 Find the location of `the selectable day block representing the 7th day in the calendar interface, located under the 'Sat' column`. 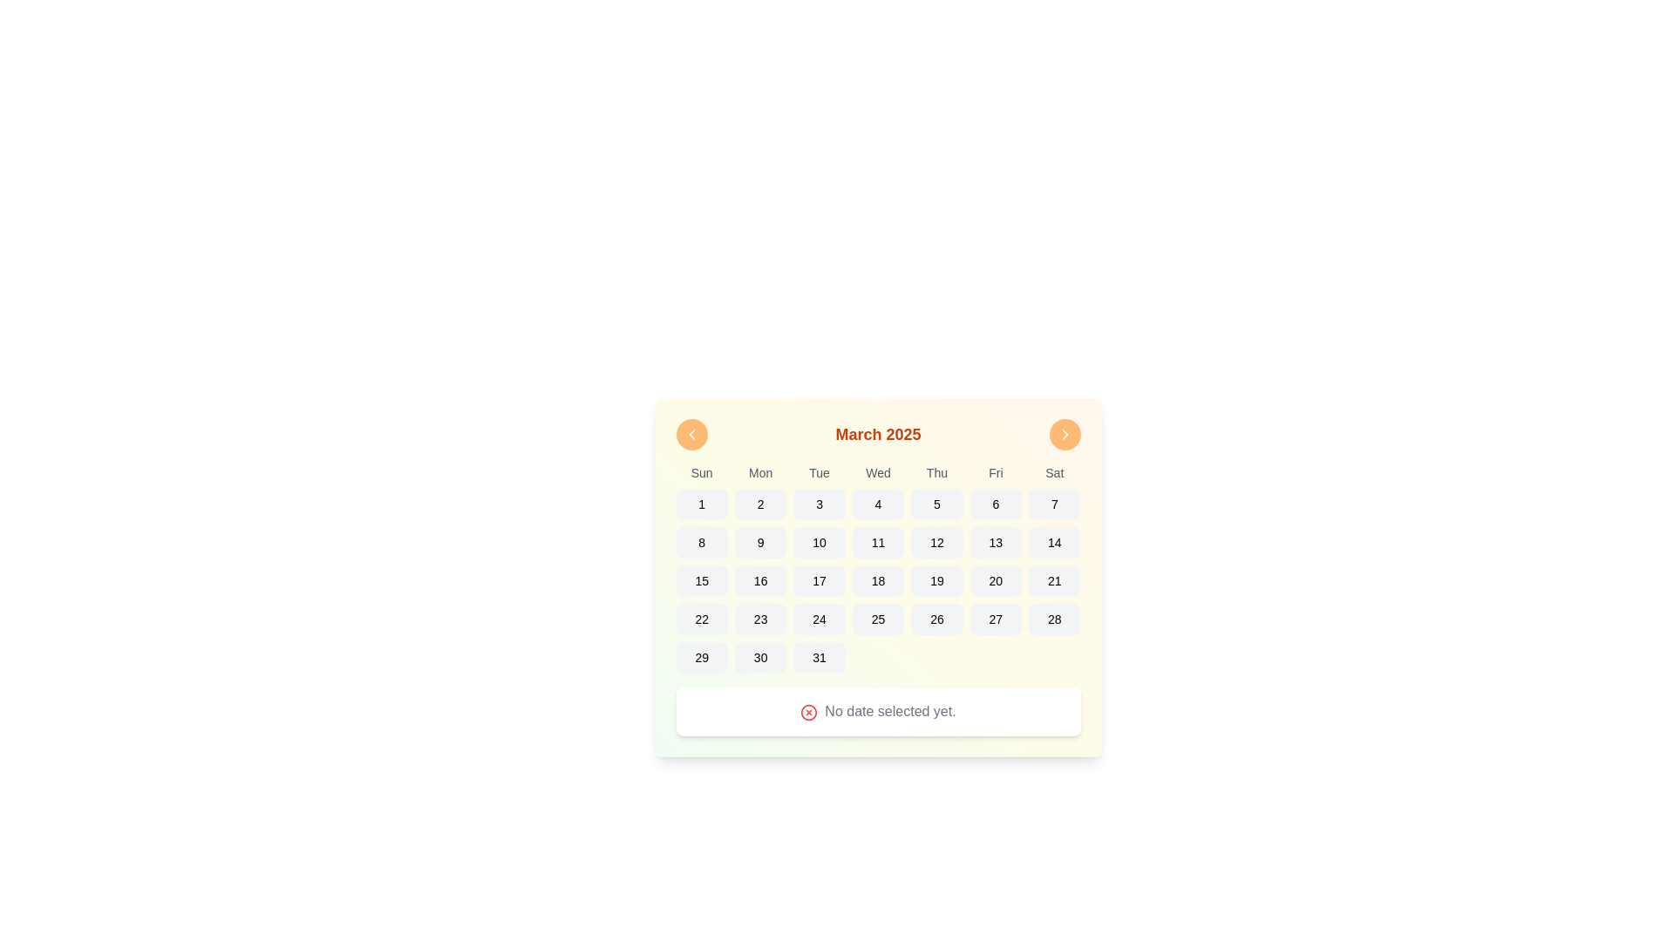

the selectable day block representing the 7th day in the calendar interface, located under the 'Sat' column is located at coordinates (1053, 504).